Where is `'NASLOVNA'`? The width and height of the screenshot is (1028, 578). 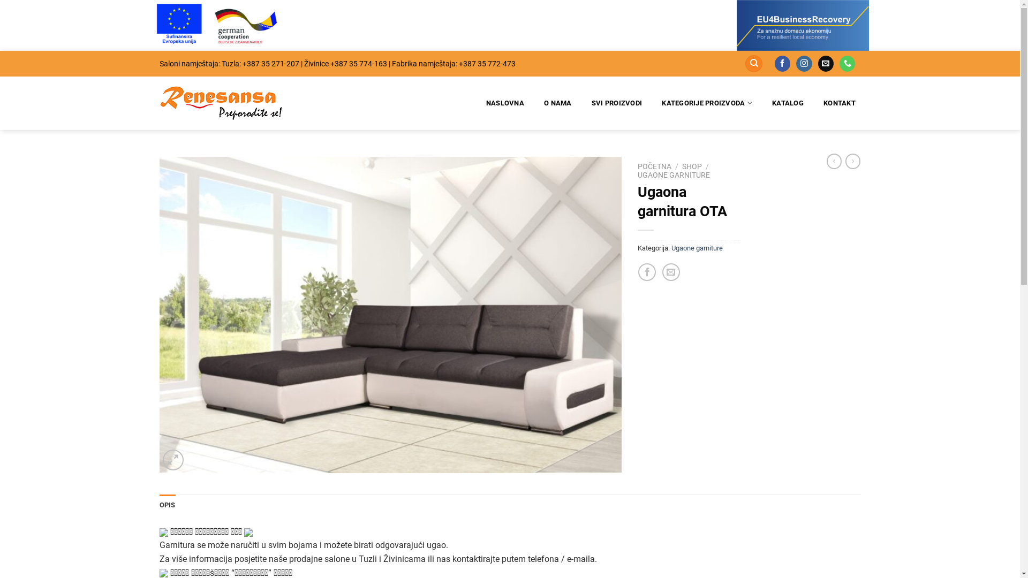
'NASLOVNA' is located at coordinates (504, 103).